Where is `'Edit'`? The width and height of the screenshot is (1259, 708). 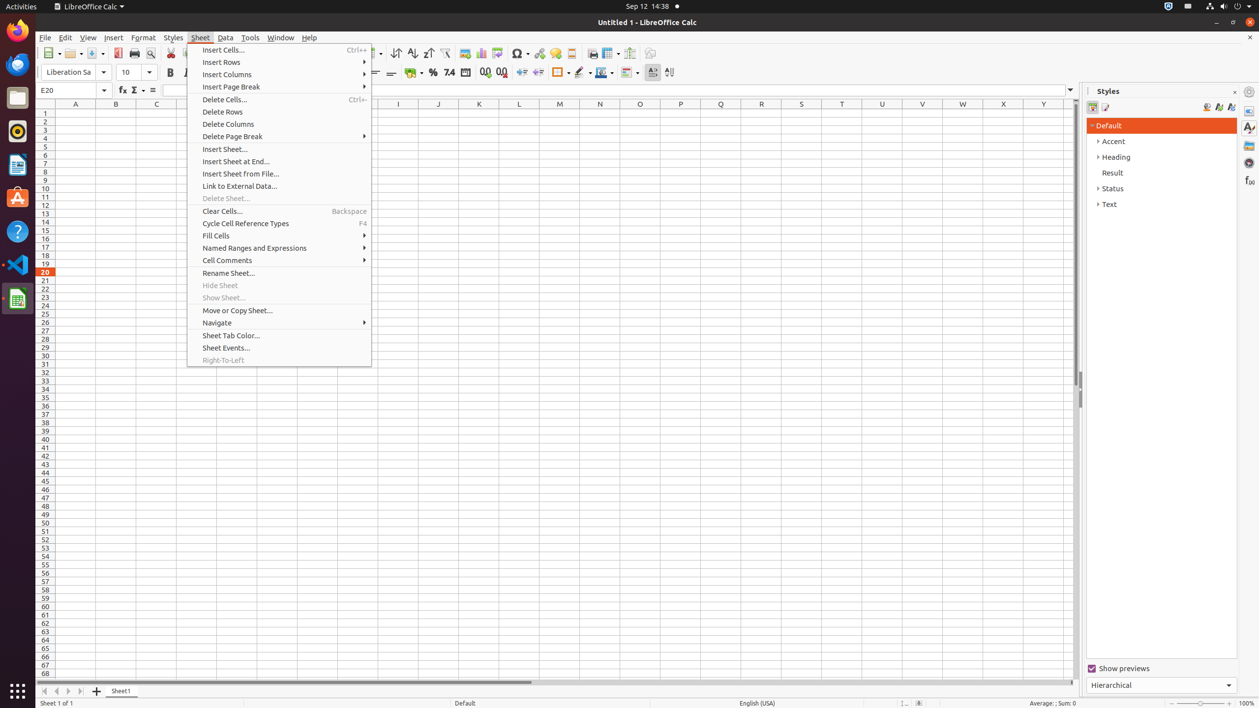 'Edit' is located at coordinates (65, 37).